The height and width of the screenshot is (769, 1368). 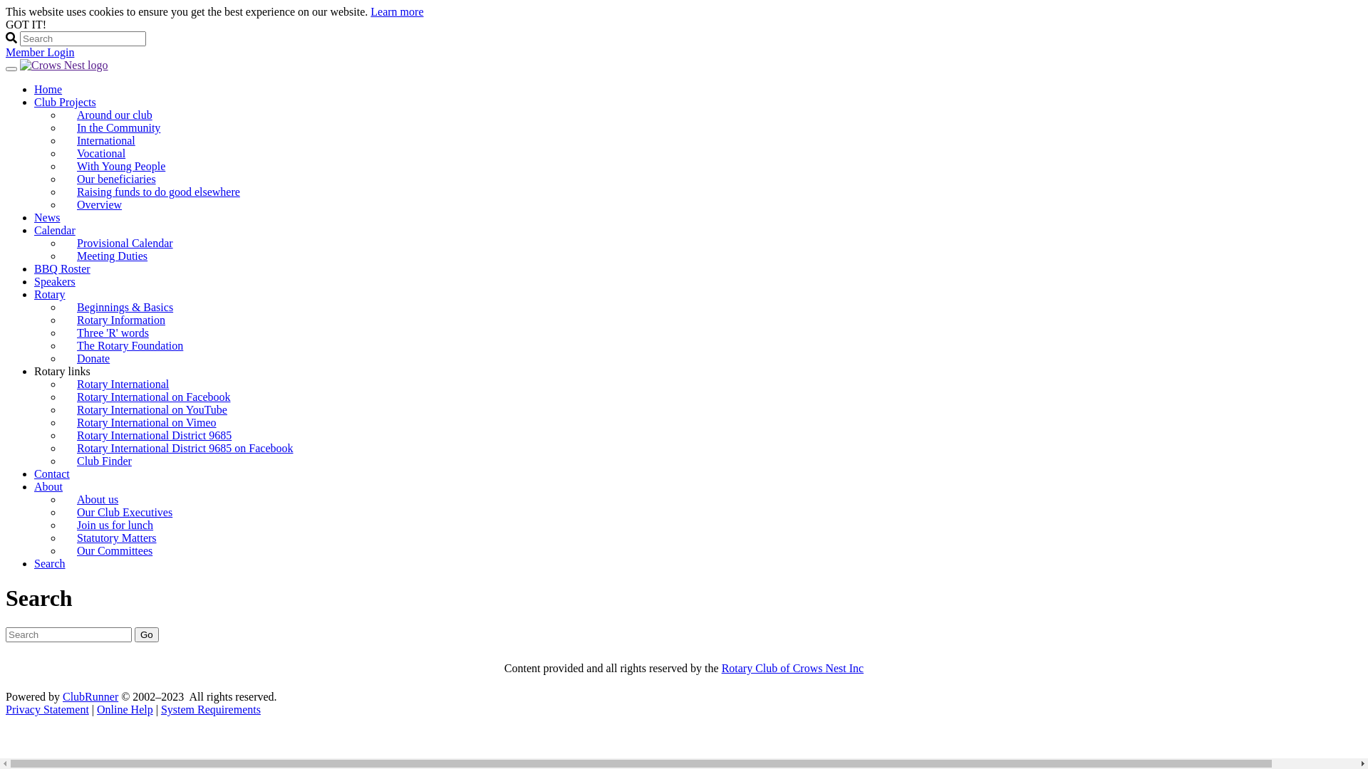 I want to click on 'Our Club Executives', so click(x=61, y=511).